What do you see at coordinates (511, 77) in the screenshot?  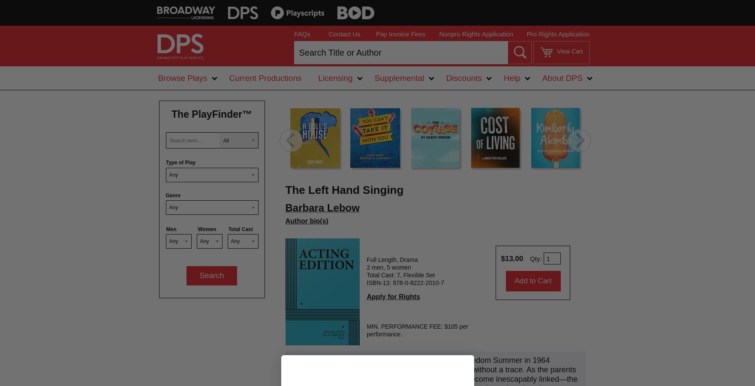 I see `'Help'` at bounding box center [511, 77].